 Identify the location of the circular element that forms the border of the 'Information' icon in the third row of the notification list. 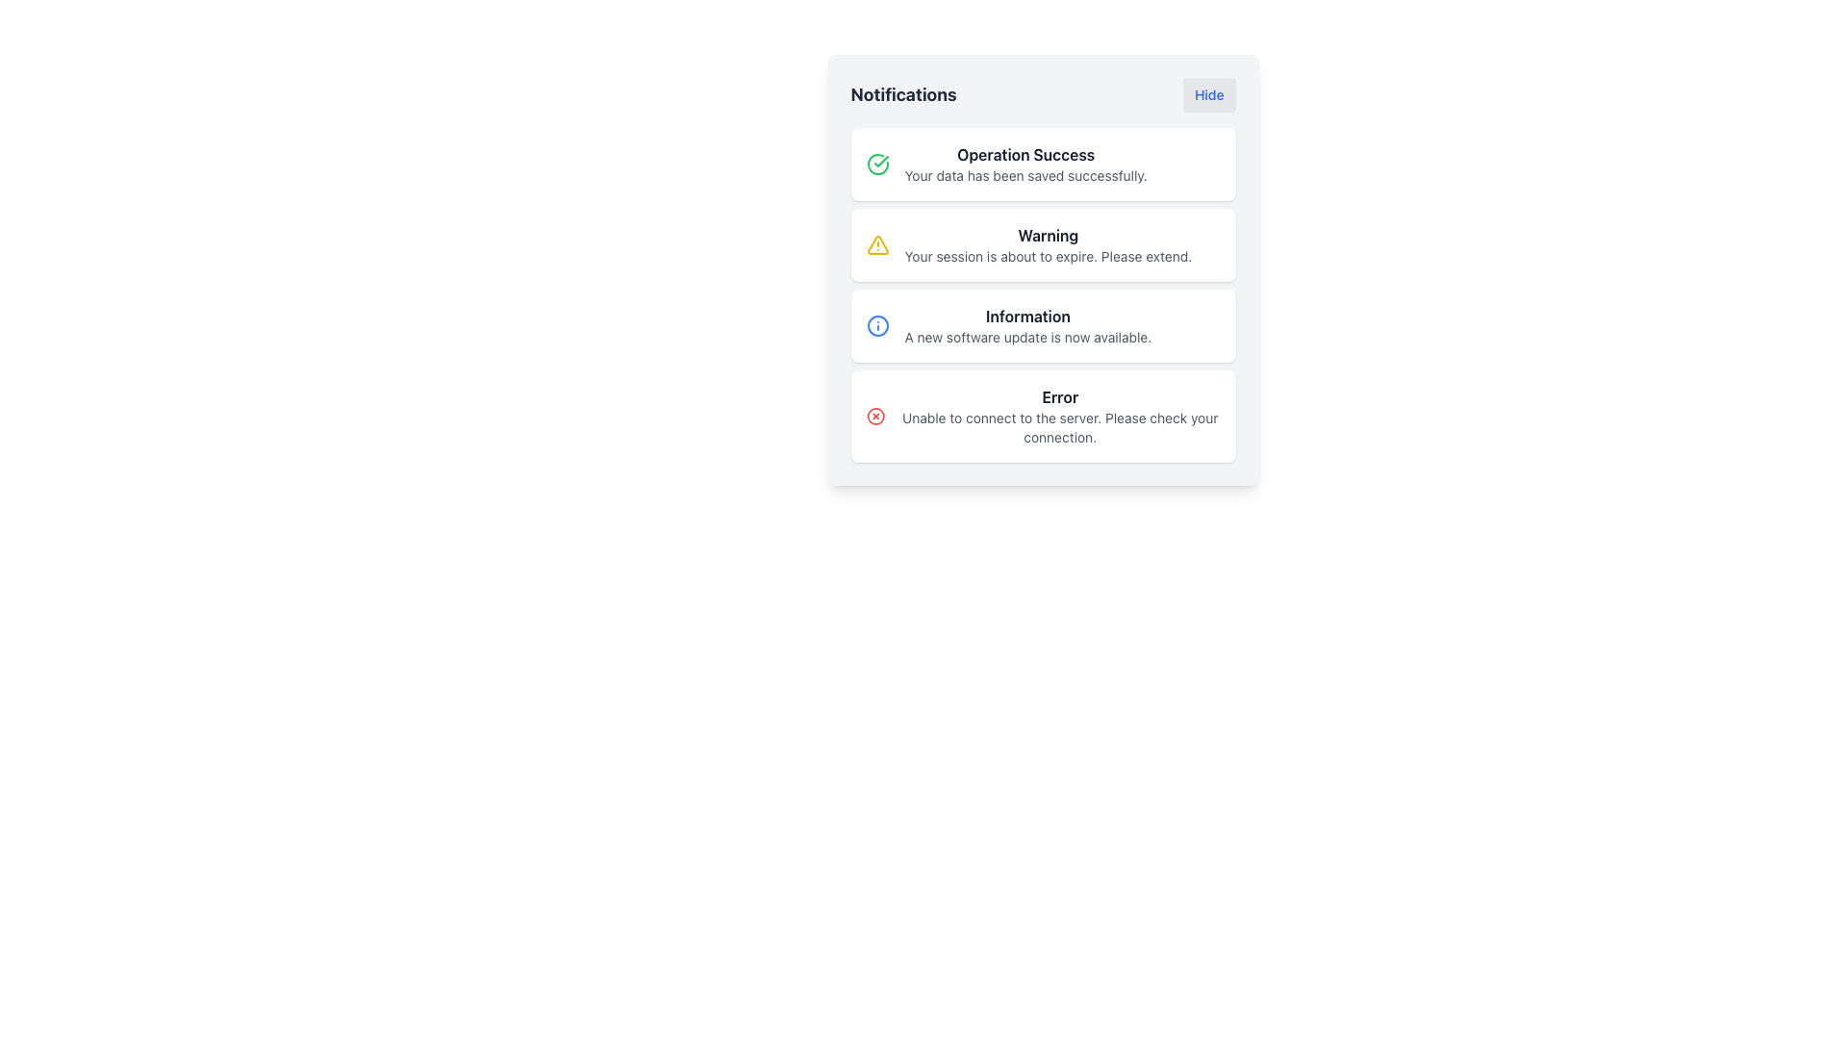
(876, 325).